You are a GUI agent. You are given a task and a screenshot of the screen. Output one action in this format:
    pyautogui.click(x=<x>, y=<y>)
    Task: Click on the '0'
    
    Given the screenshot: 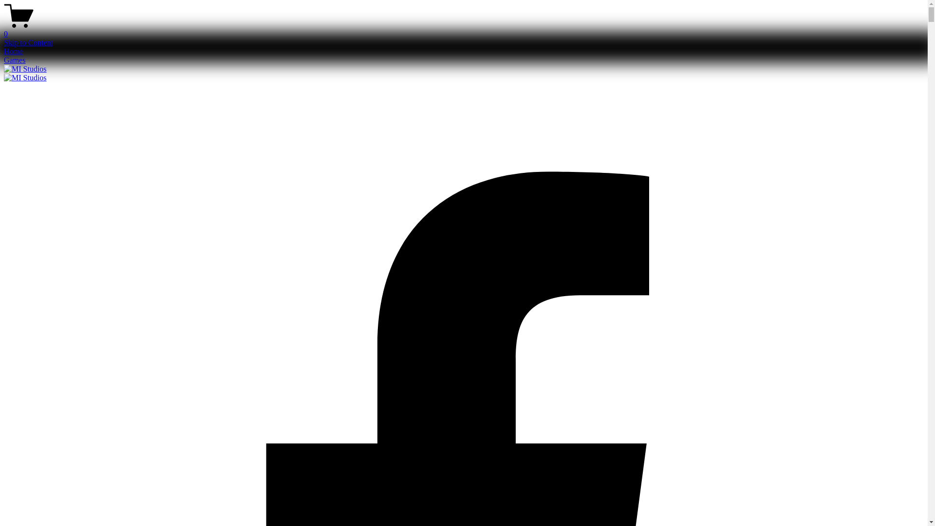 What is the action you would take?
    pyautogui.click(x=463, y=29)
    